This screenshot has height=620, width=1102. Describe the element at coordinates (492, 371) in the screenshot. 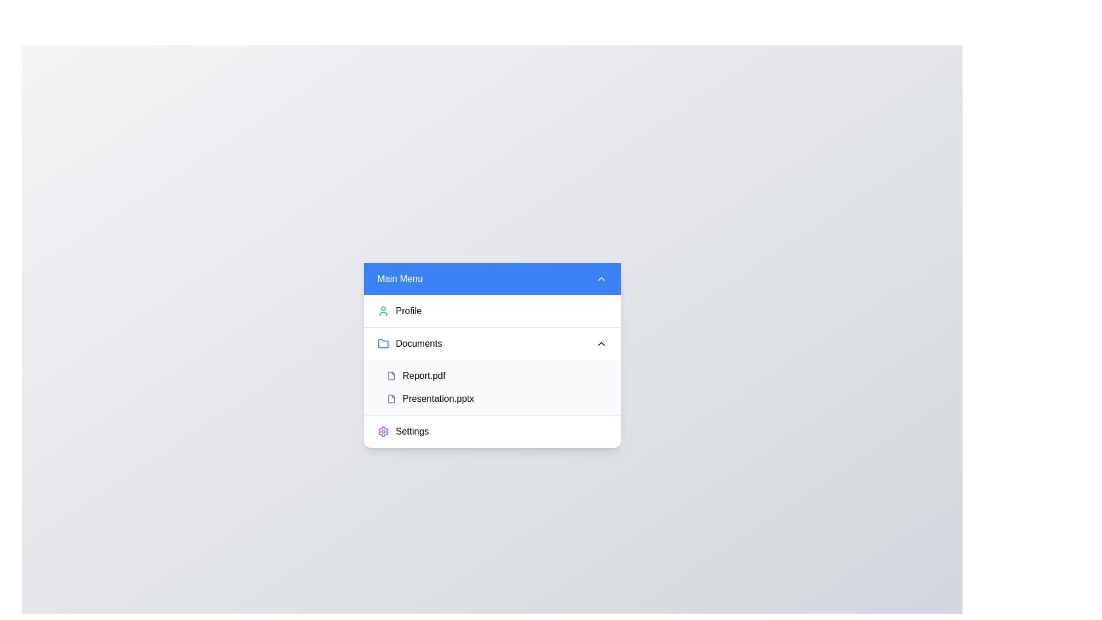

I see `the first file item labeled 'Report.pdf'` at that location.